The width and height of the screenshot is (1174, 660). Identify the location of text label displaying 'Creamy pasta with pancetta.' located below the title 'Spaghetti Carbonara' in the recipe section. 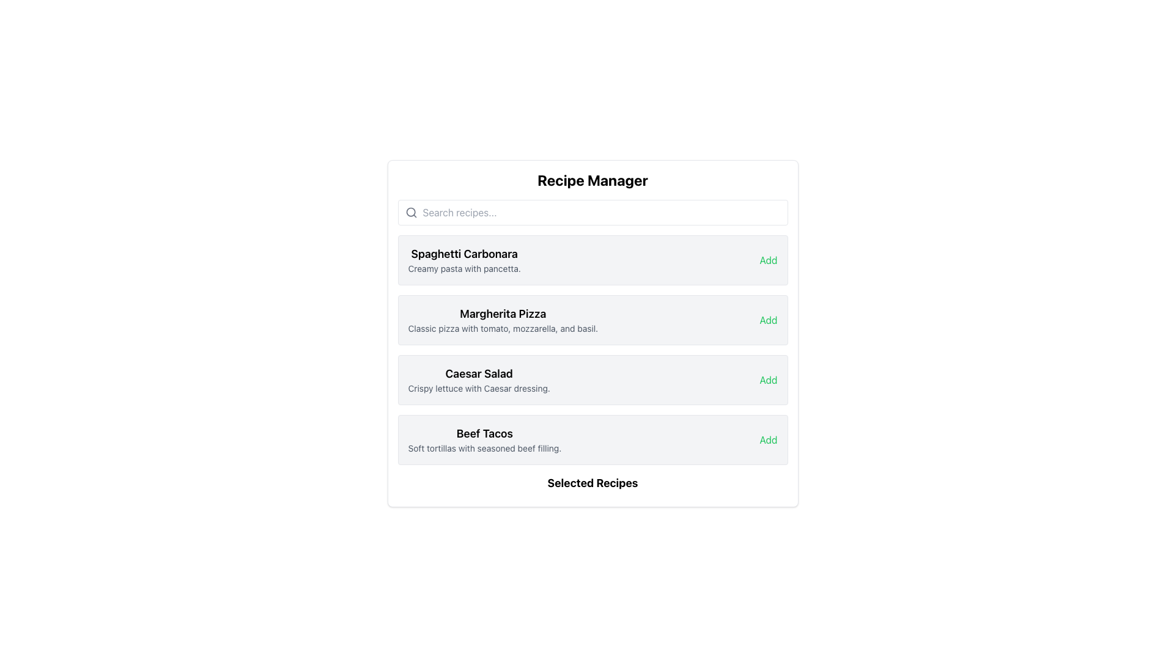
(463, 268).